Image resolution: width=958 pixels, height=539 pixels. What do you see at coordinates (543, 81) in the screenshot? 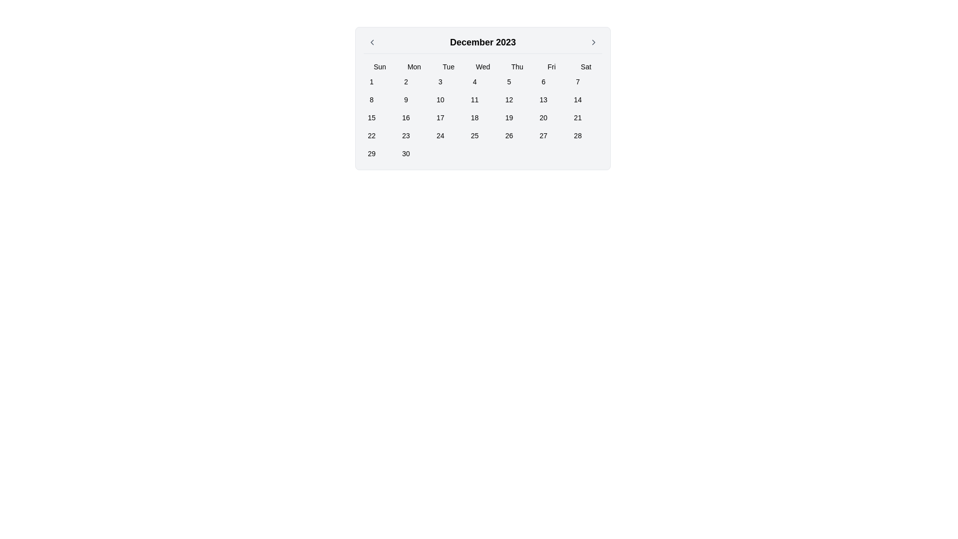
I see `the button representing the sixth day of the month` at bounding box center [543, 81].